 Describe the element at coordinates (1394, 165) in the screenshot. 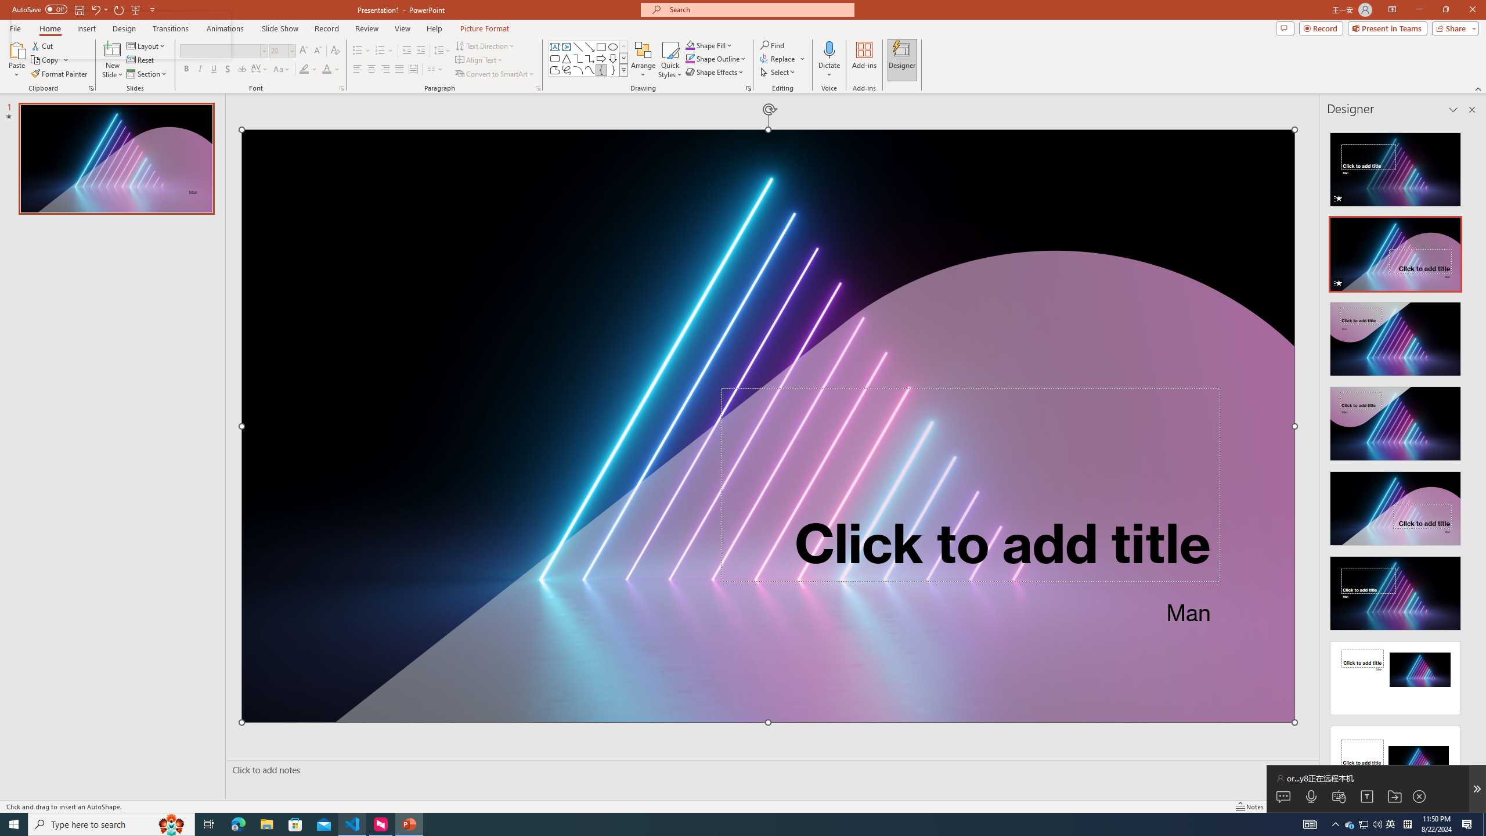

I see `'Recommended Design: Animation'` at that location.